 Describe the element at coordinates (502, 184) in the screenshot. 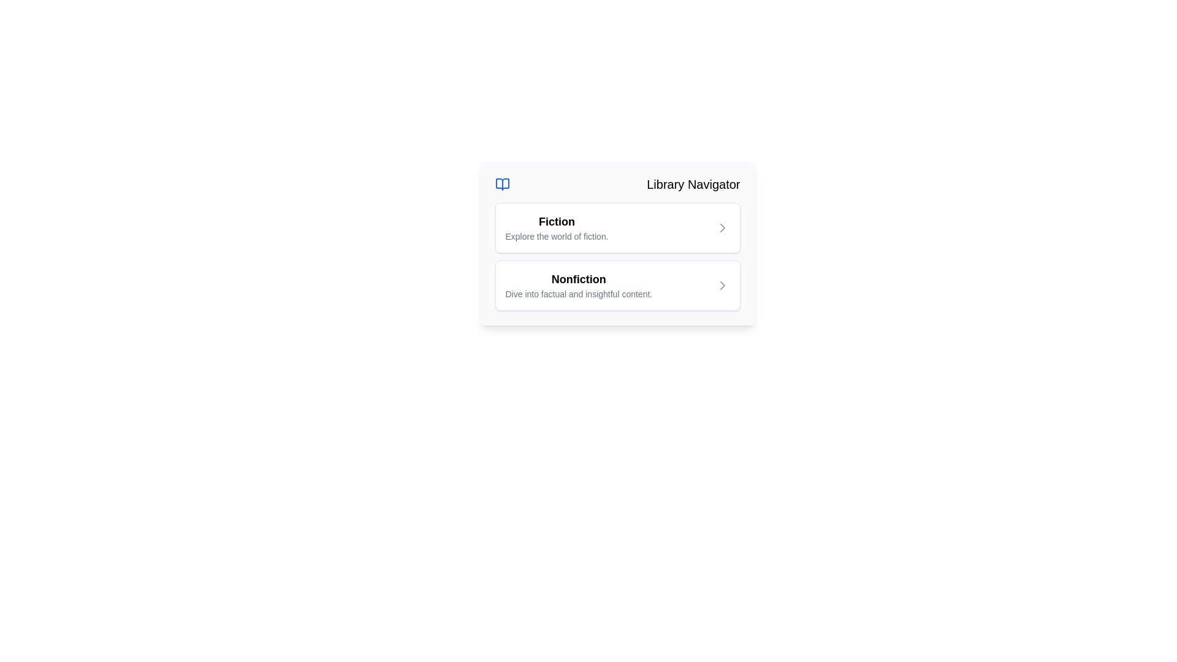

I see `the icon in the header bar of the 'Library Navigator' section, which symbolizes books or related content` at that location.